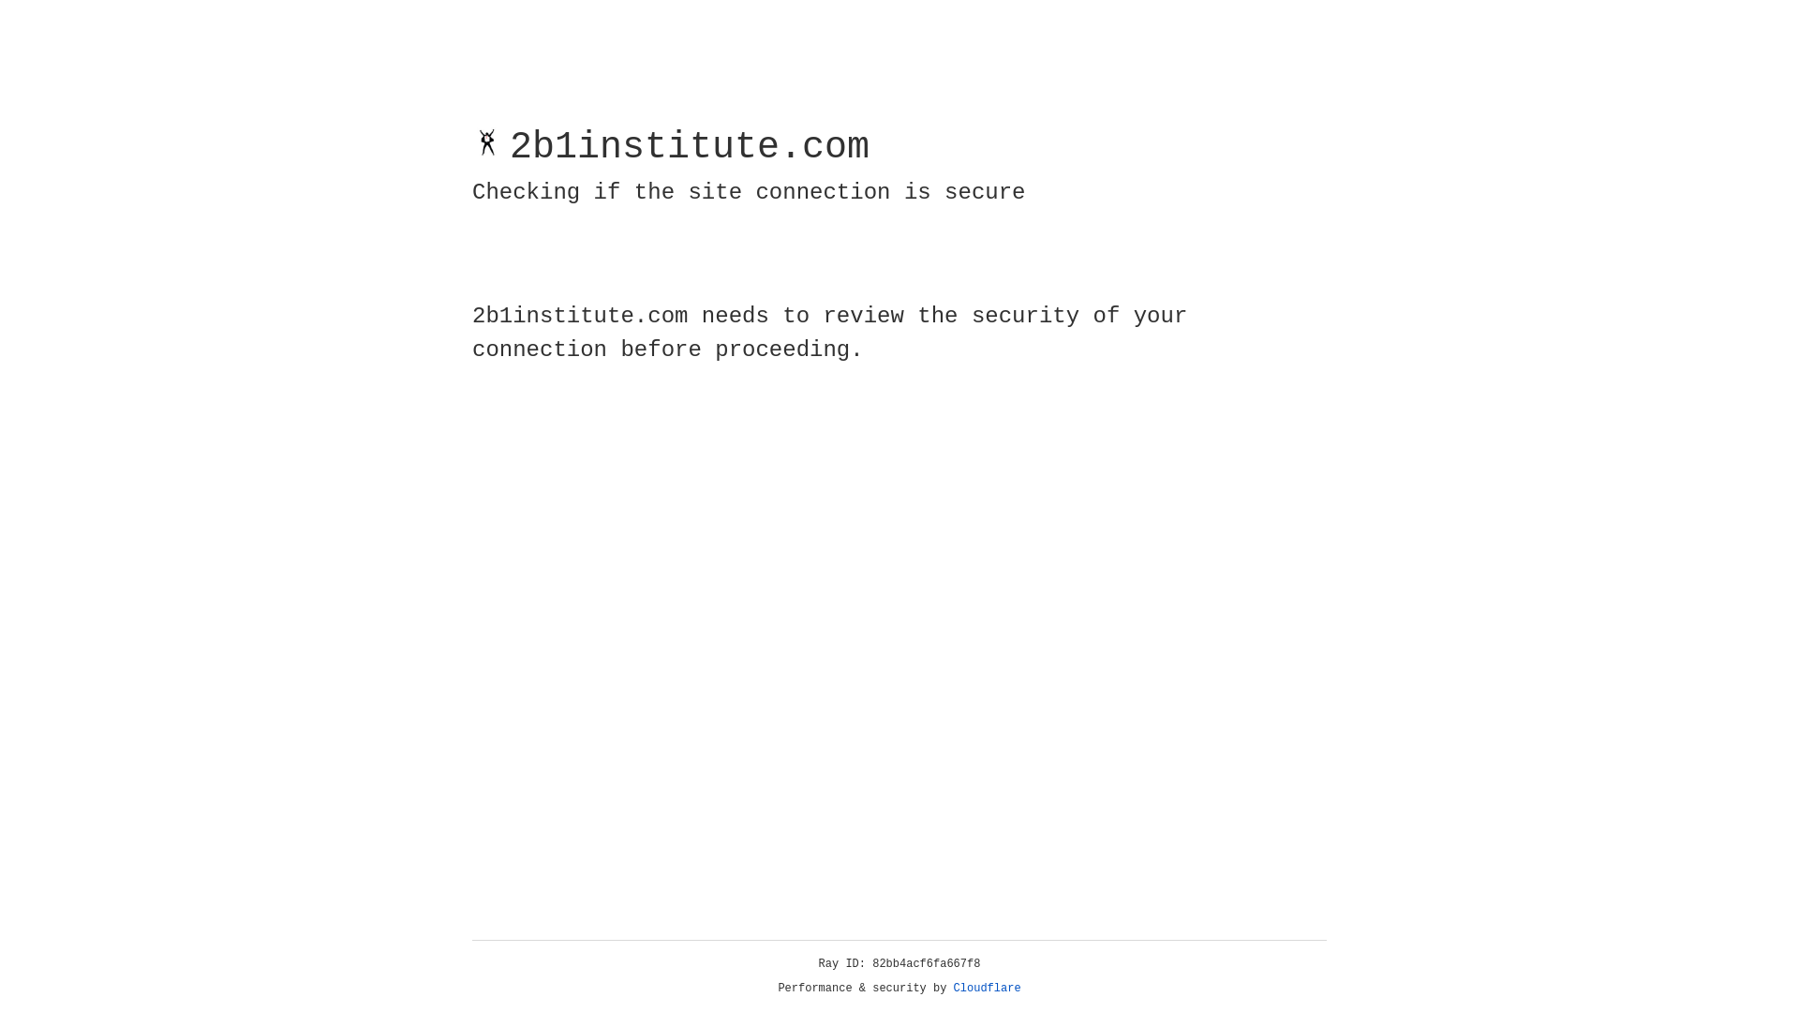  What do you see at coordinates (953, 988) in the screenshot?
I see `'Cloudflare'` at bounding box center [953, 988].